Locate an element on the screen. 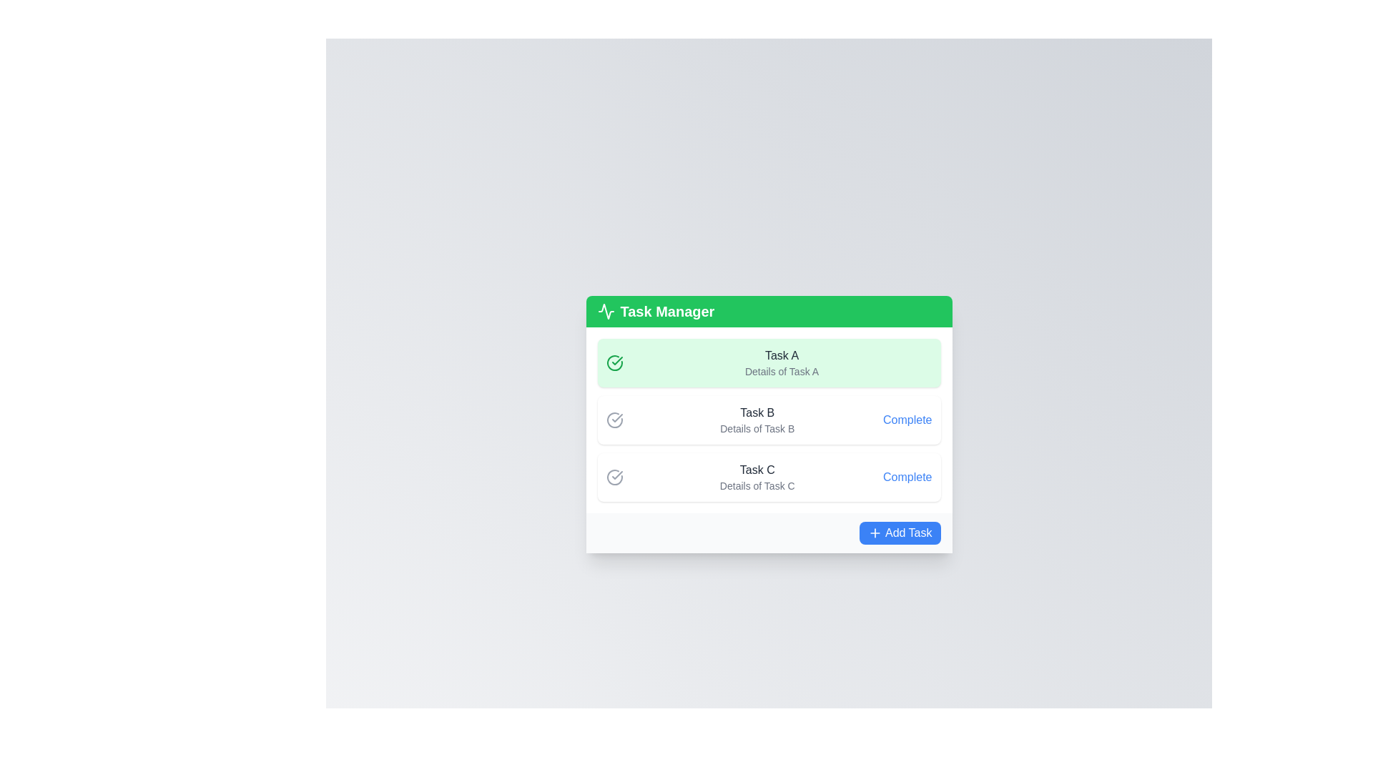 This screenshot has width=1373, height=772. plus sign icon located within the blue 'Add Task' button at the bottom right corner of the Task Manager interface to verify its design or adjust its styling is located at coordinates (875, 533).